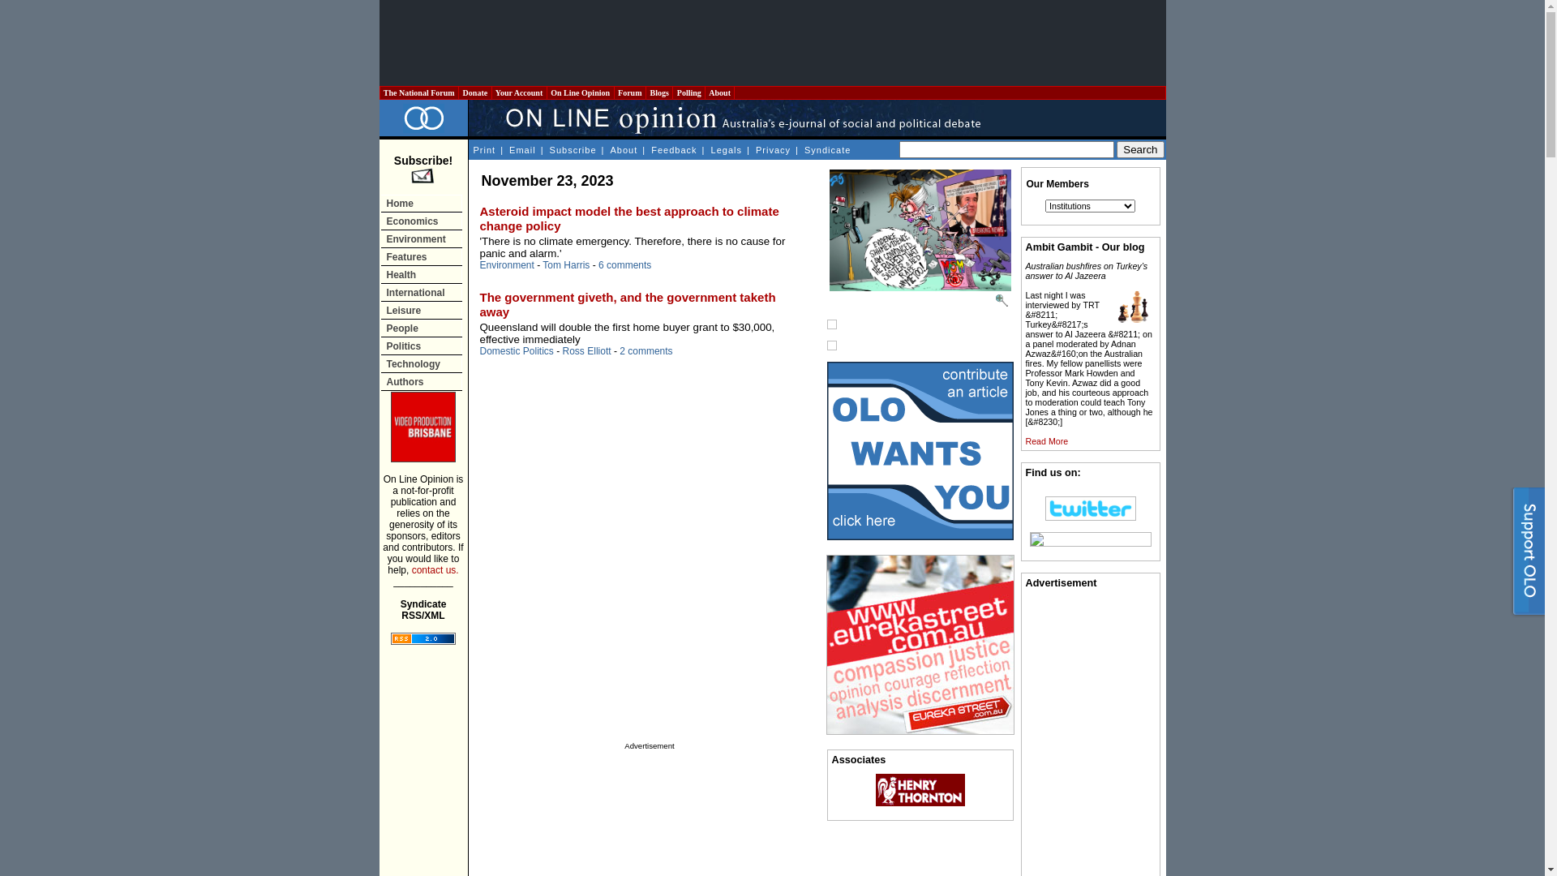  I want to click on ' Forum ', so click(629, 92).